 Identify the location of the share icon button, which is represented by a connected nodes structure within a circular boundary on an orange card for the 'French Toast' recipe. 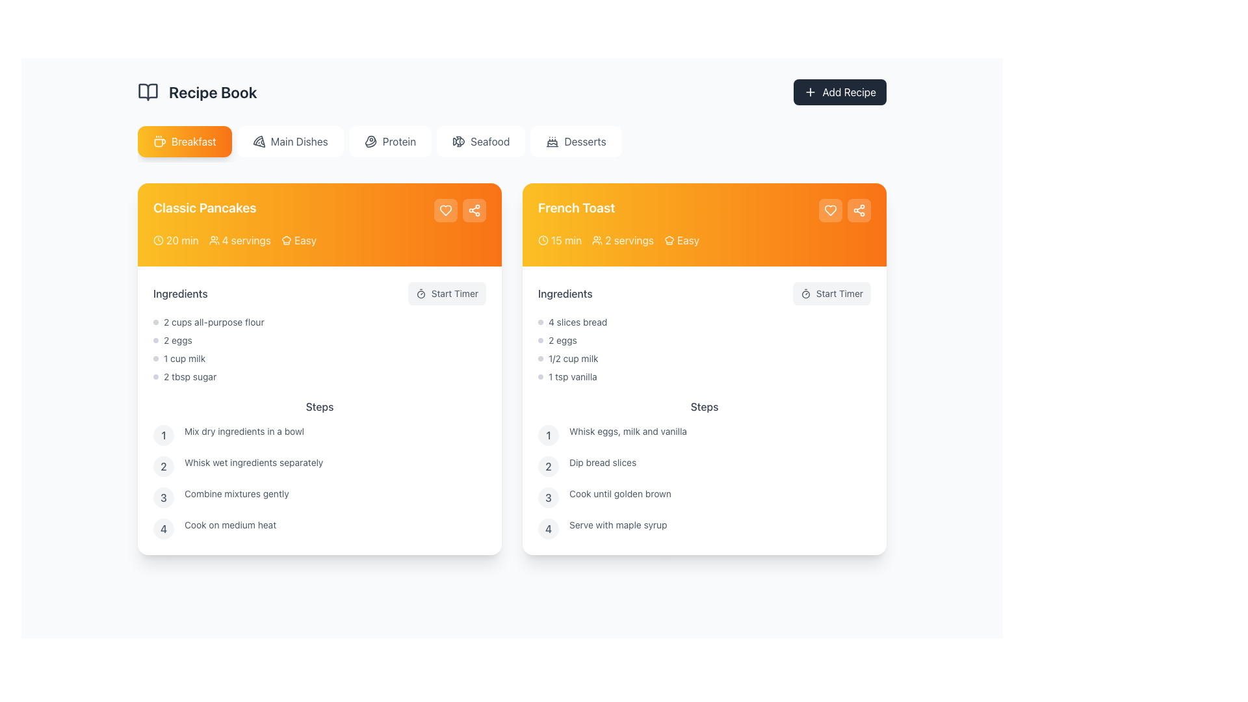
(859, 210).